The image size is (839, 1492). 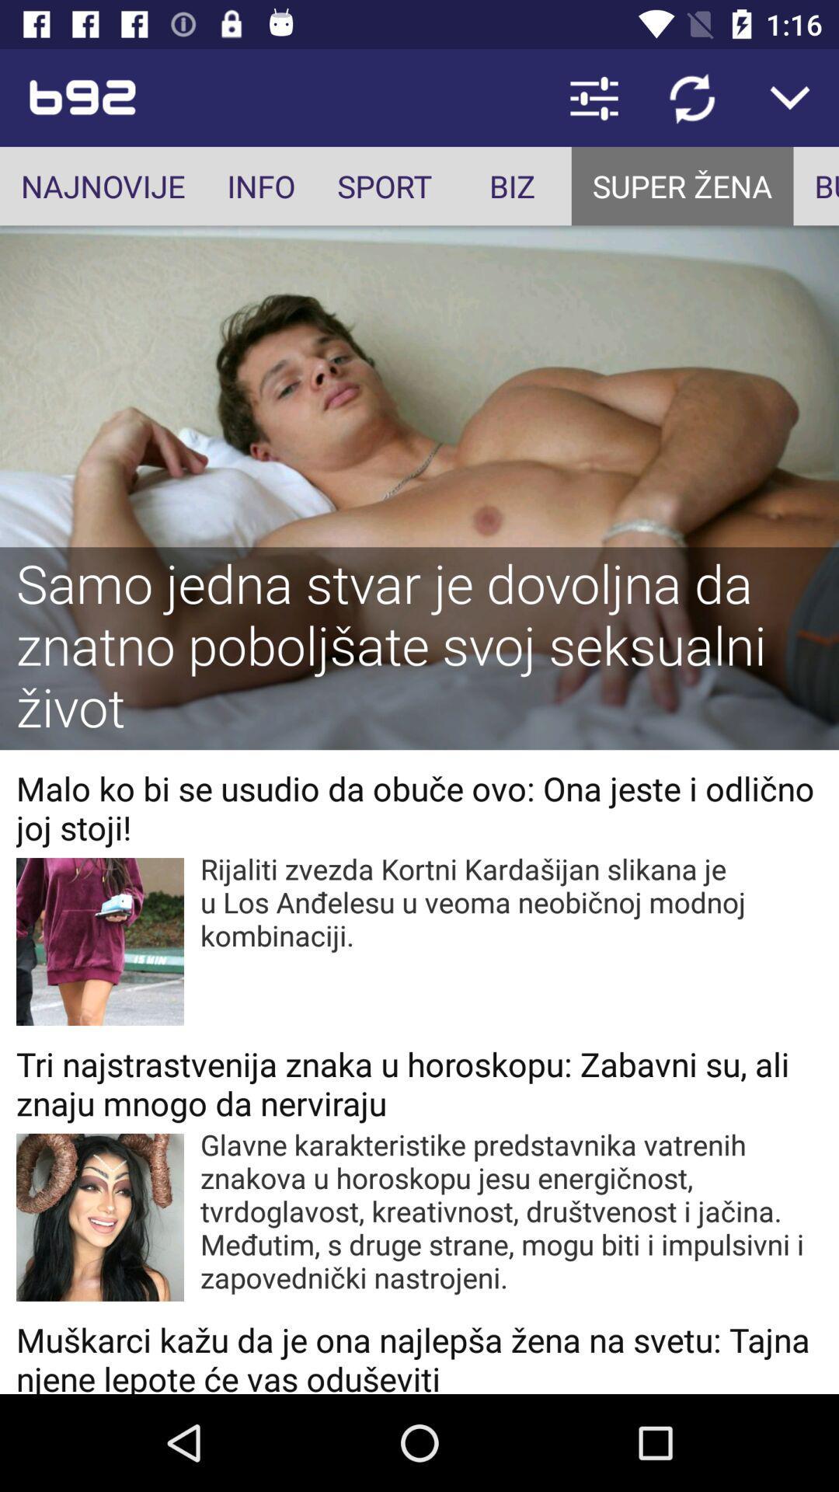 I want to click on icon to the left of   biz   icon, so click(x=385, y=186).